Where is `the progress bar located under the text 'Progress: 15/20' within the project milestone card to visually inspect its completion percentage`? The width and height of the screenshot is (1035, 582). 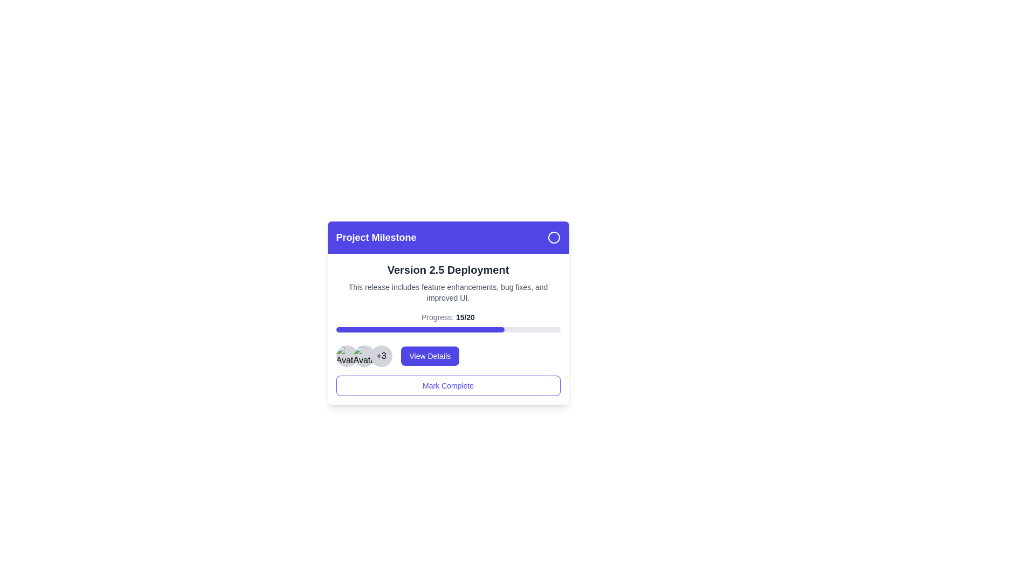 the progress bar located under the text 'Progress: 15/20' within the project milestone card to visually inspect its completion percentage is located at coordinates (448, 329).